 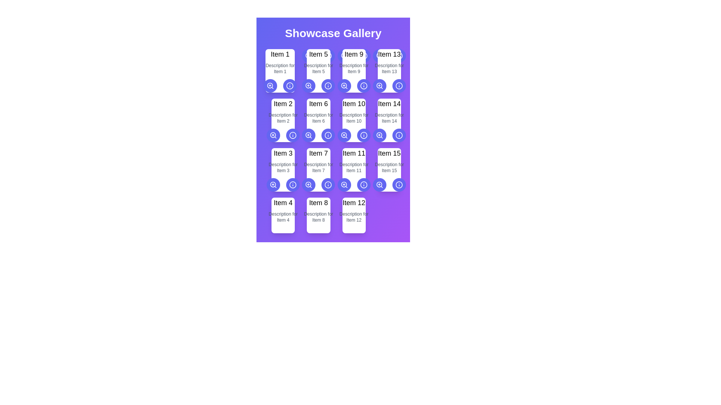 I want to click on the circular shape of the 'info' icon associated with 'Item 5' in the grid layout, so click(x=290, y=85).